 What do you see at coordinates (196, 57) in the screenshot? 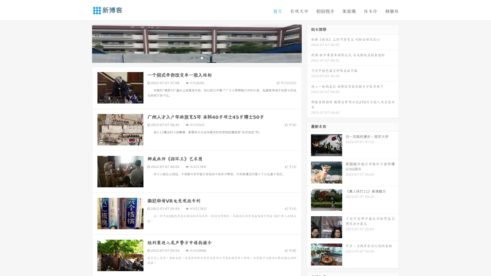
I see `Go to slide 2` at bounding box center [196, 57].